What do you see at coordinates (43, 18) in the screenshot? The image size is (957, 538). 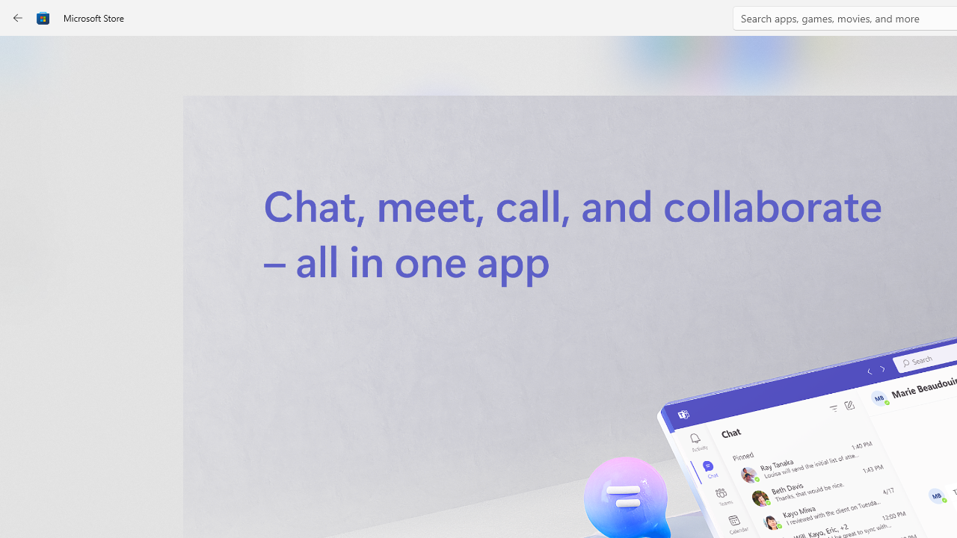 I see `'Class: Image'` at bounding box center [43, 18].